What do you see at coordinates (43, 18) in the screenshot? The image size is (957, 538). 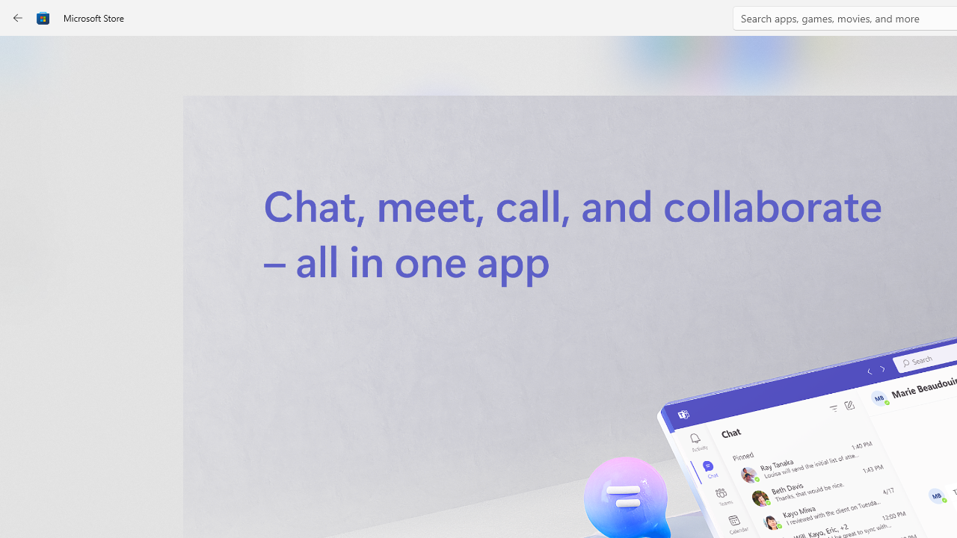 I see `'Class: Image'` at bounding box center [43, 18].